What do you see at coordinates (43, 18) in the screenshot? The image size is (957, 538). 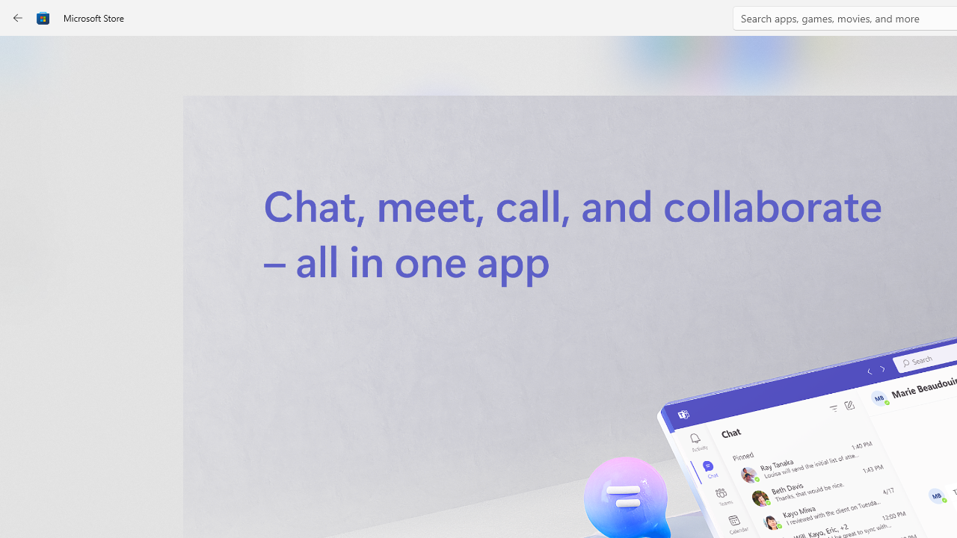 I see `'Class: Image'` at bounding box center [43, 18].